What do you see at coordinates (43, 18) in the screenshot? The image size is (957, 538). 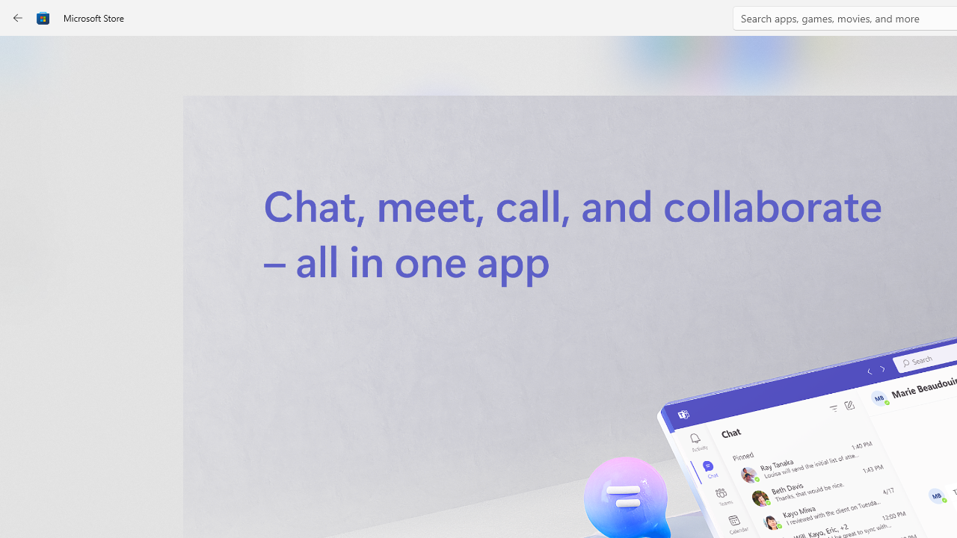 I see `'Class: Image'` at bounding box center [43, 18].